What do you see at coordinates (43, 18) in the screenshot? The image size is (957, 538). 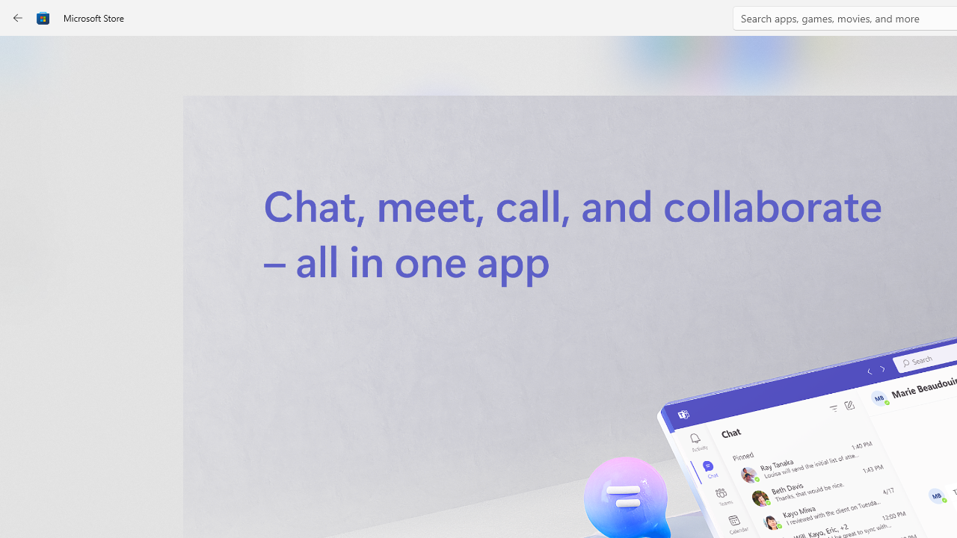 I see `'Class: Image'` at bounding box center [43, 18].